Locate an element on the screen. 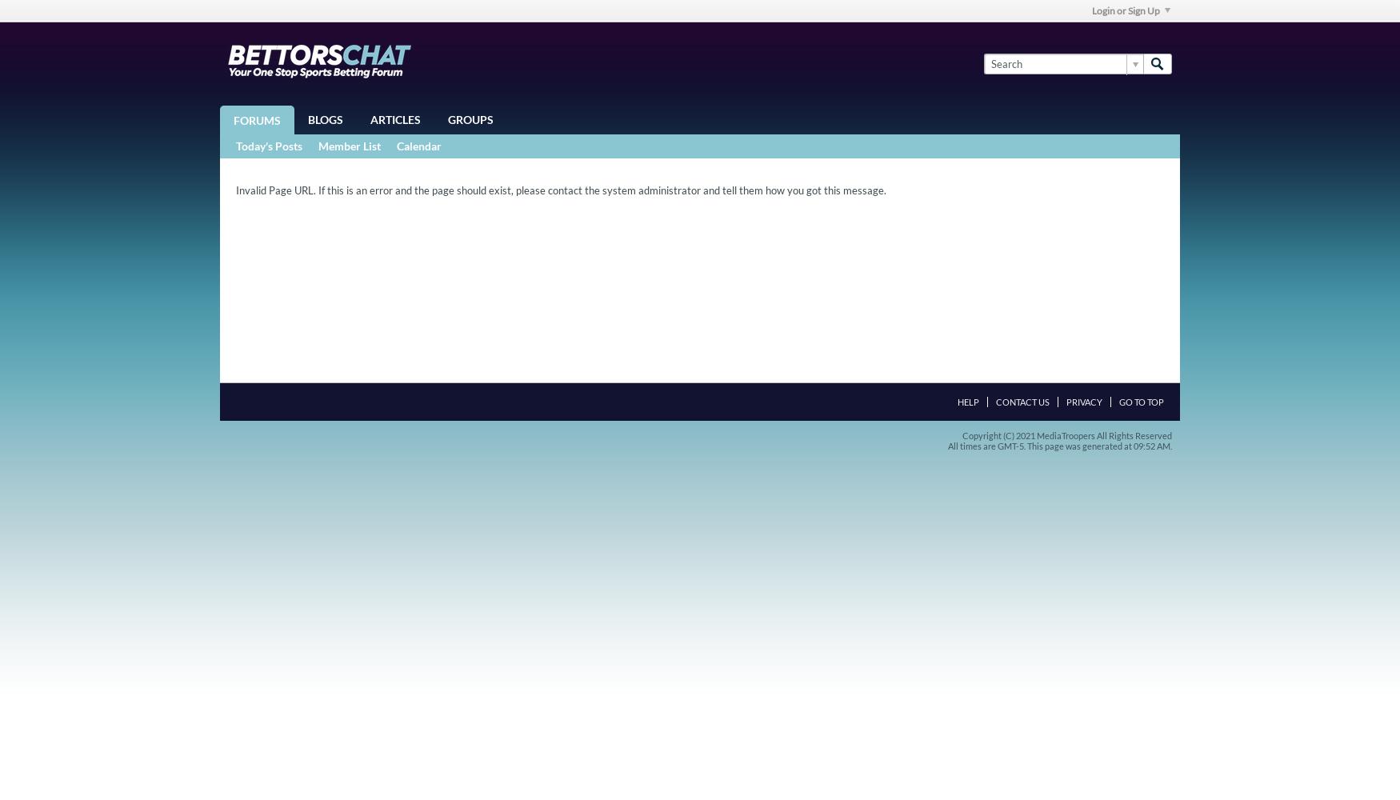  'Help' is located at coordinates (968, 402).